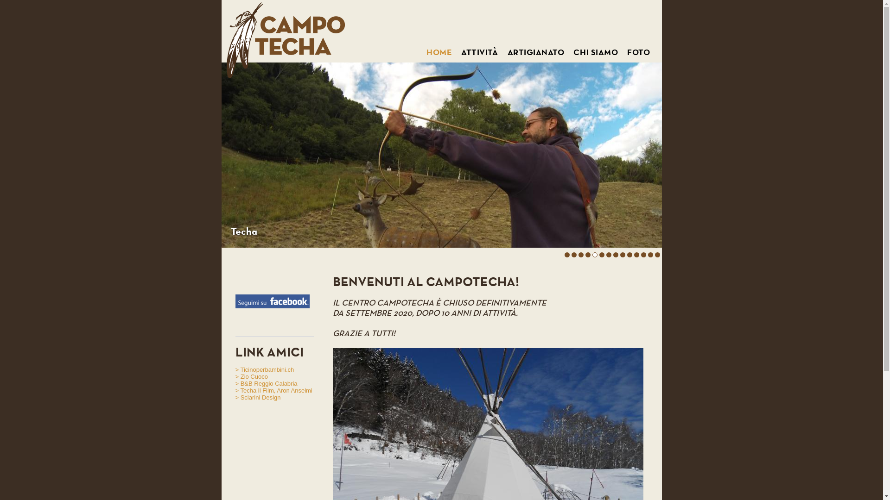 The width and height of the screenshot is (890, 500). What do you see at coordinates (594, 256) in the screenshot?
I see `'5'` at bounding box center [594, 256].